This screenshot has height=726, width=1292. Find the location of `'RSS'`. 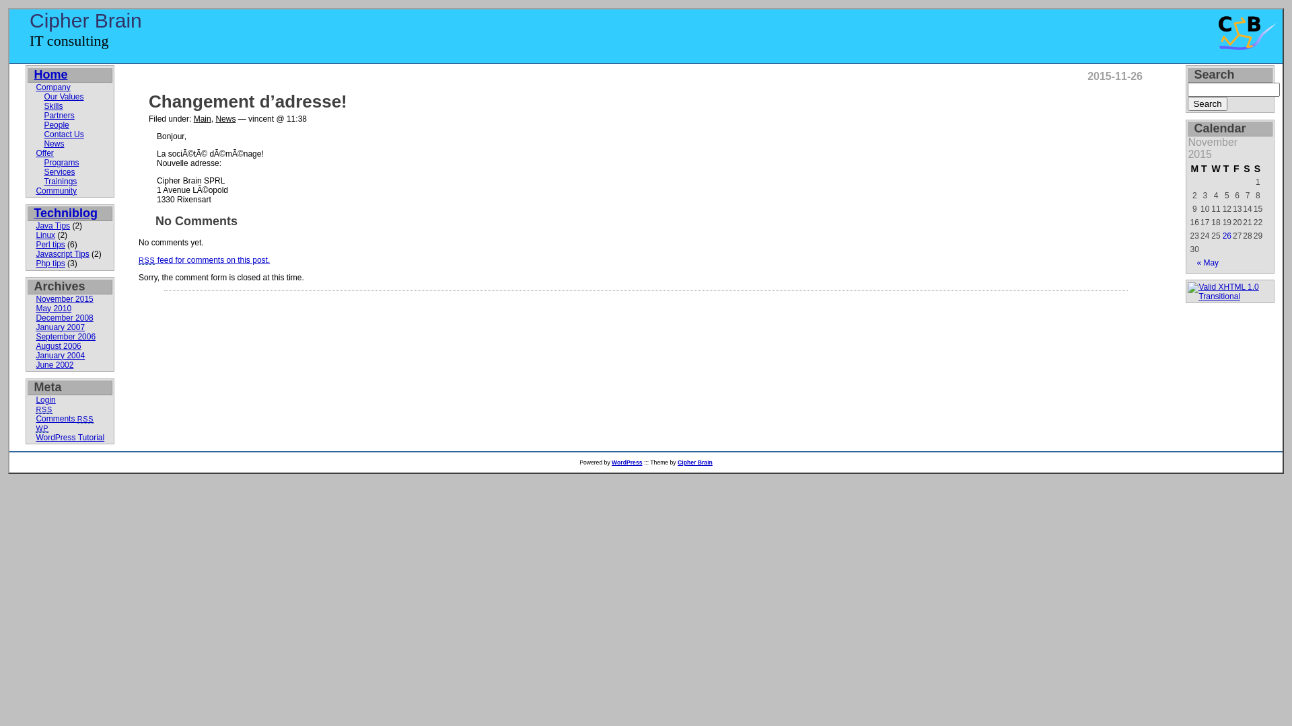

'RSS' is located at coordinates (35, 409).